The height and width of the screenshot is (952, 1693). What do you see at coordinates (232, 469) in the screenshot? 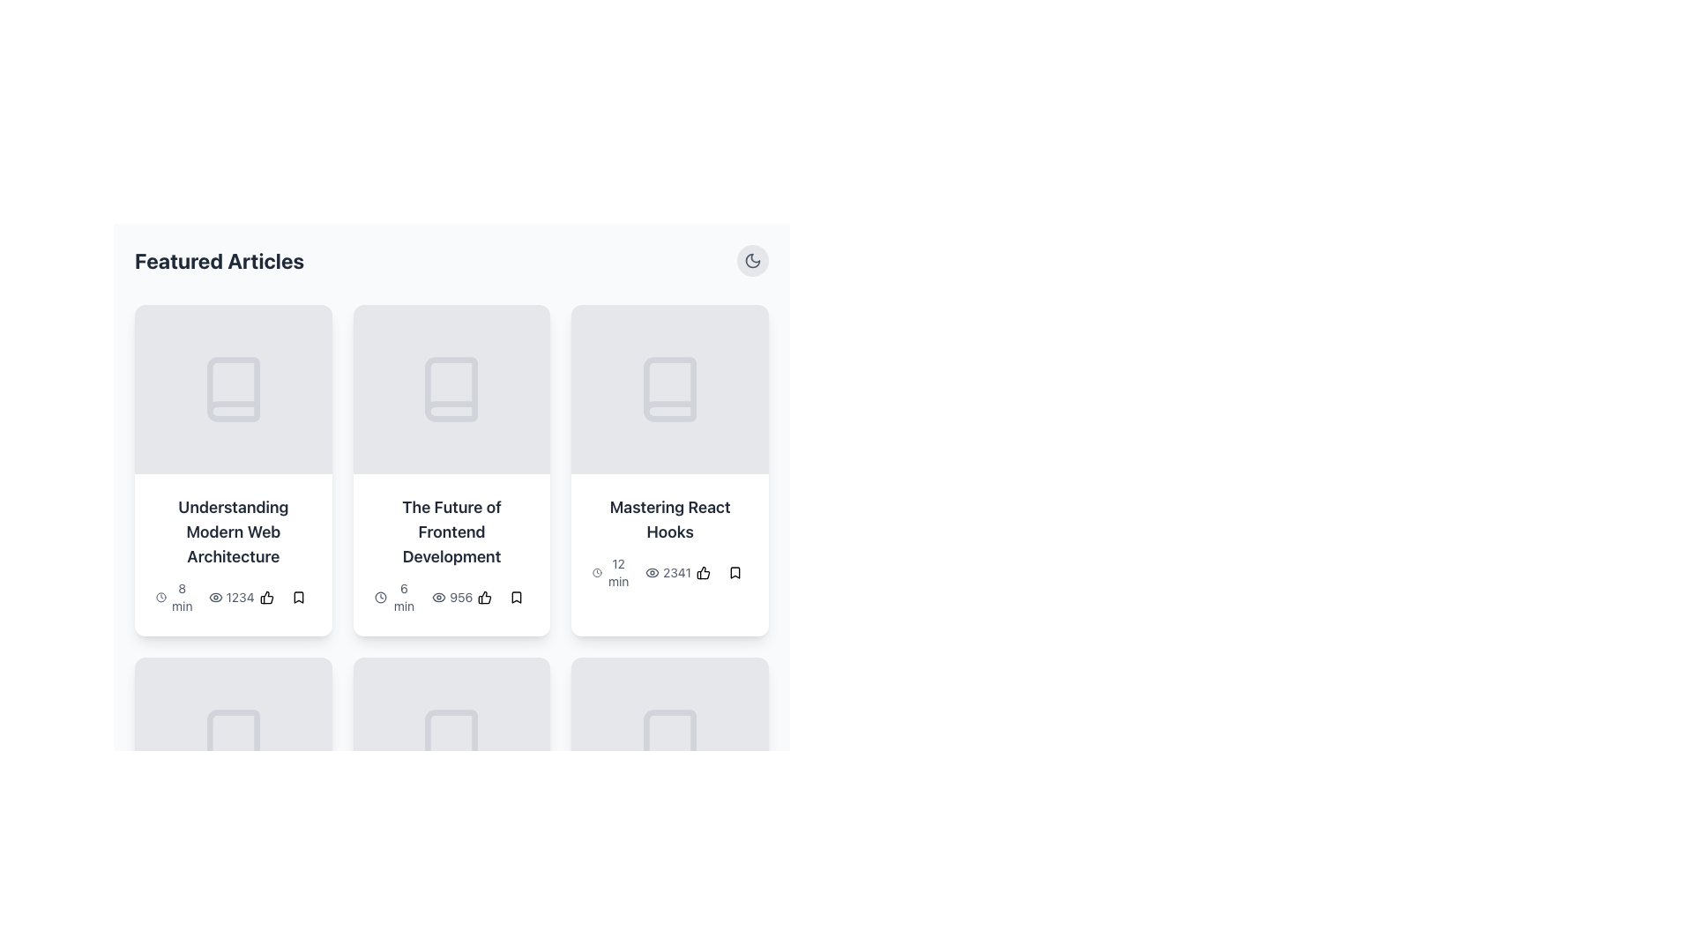
I see `the first card` at bounding box center [232, 469].